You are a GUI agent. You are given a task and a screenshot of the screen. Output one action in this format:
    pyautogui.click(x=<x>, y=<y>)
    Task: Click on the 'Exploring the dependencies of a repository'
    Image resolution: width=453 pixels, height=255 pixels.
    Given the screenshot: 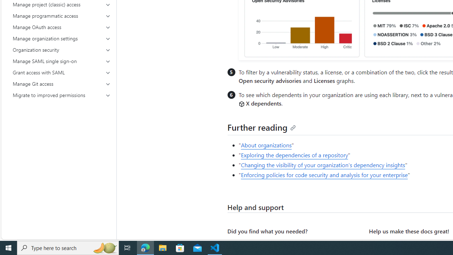 What is the action you would take?
    pyautogui.click(x=294, y=155)
    